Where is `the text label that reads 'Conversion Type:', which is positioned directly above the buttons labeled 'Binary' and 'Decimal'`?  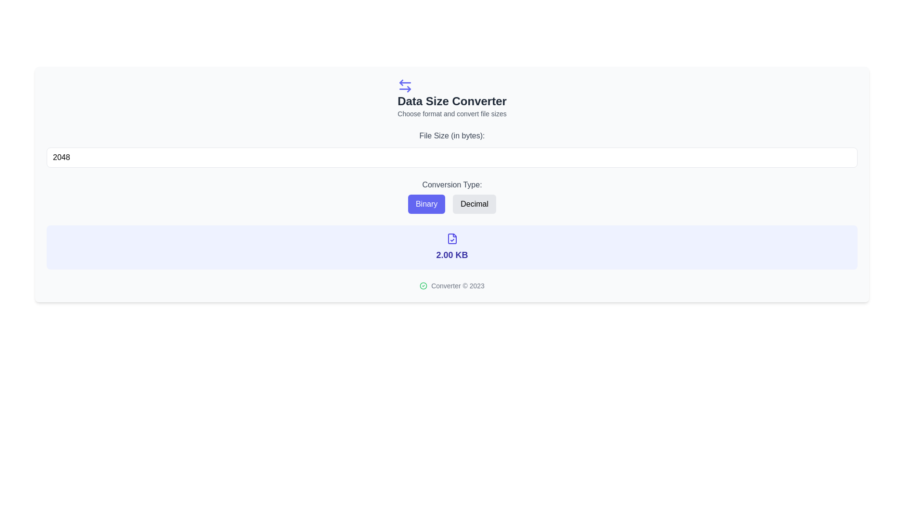
the text label that reads 'Conversion Type:', which is positioned directly above the buttons labeled 'Binary' and 'Decimal' is located at coordinates (451, 185).